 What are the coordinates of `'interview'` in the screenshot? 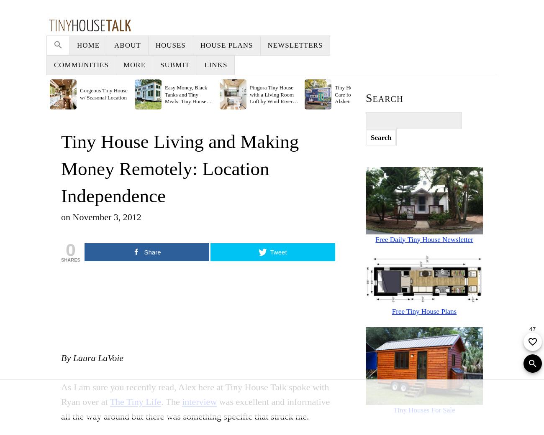 It's located at (199, 402).